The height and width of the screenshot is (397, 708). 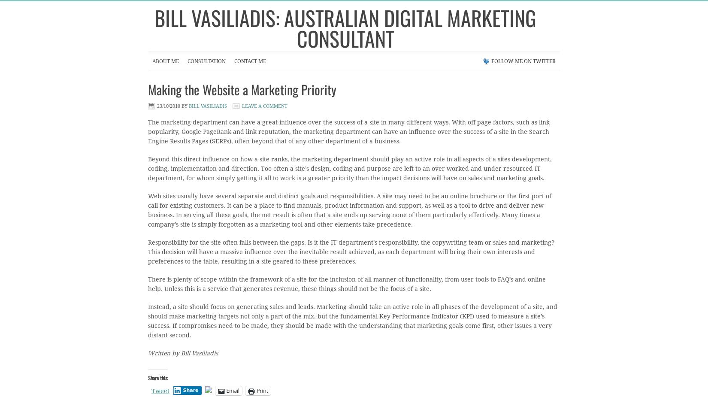 What do you see at coordinates (182, 353) in the screenshot?
I see `'Written by Bill Vasiliadis'` at bounding box center [182, 353].